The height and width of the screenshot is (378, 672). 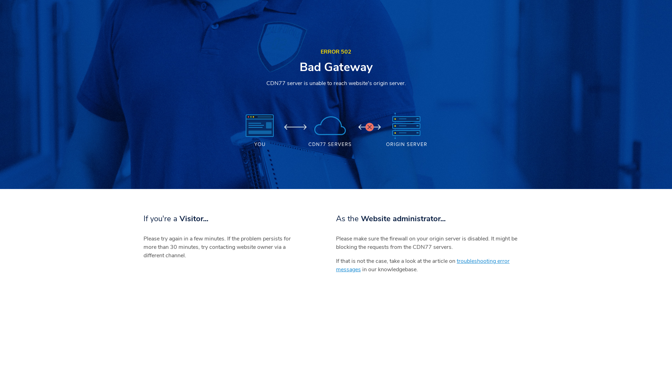 What do you see at coordinates (422, 265) in the screenshot?
I see `'troubleshooting error messages'` at bounding box center [422, 265].